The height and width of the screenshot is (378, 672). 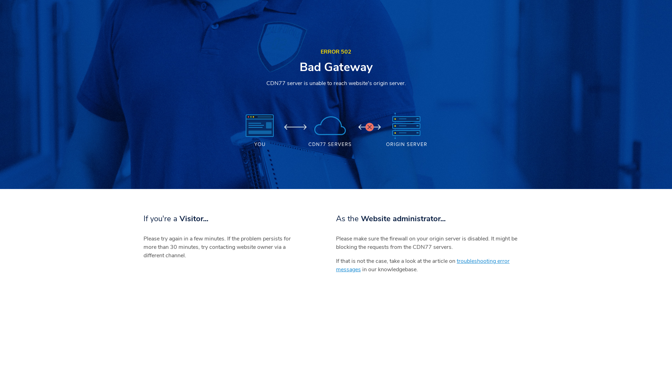 What do you see at coordinates (422, 265) in the screenshot?
I see `'troubleshooting error messages'` at bounding box center [422, 265].